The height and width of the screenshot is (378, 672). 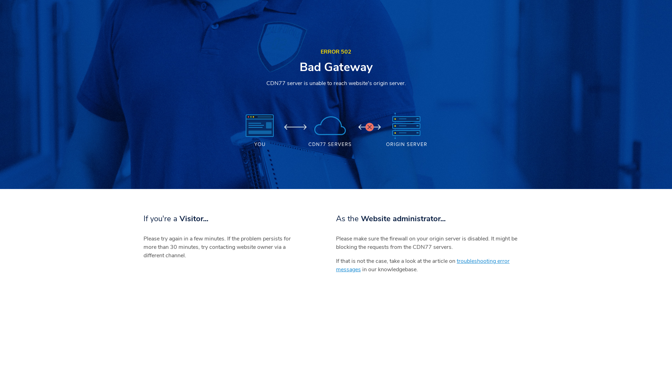 What do you see at coordinates (422, 265) in the screenshot?
I see `'troubleshooting error messages'` at bounding box center [422, 265].